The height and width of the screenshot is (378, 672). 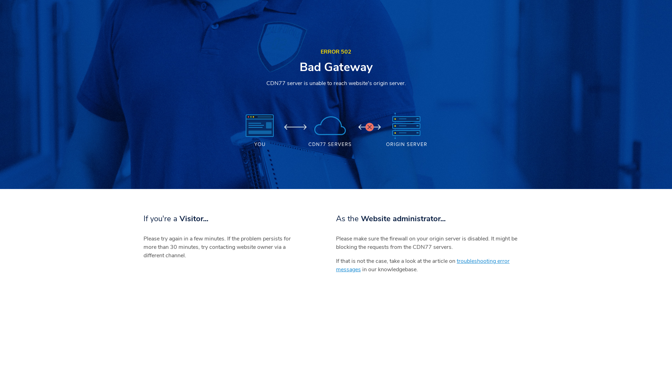 What do you see at coordinates (422, 265) in the screenshot?
I see `'troubleshooting error messages'` at bounding box center [422, 265].